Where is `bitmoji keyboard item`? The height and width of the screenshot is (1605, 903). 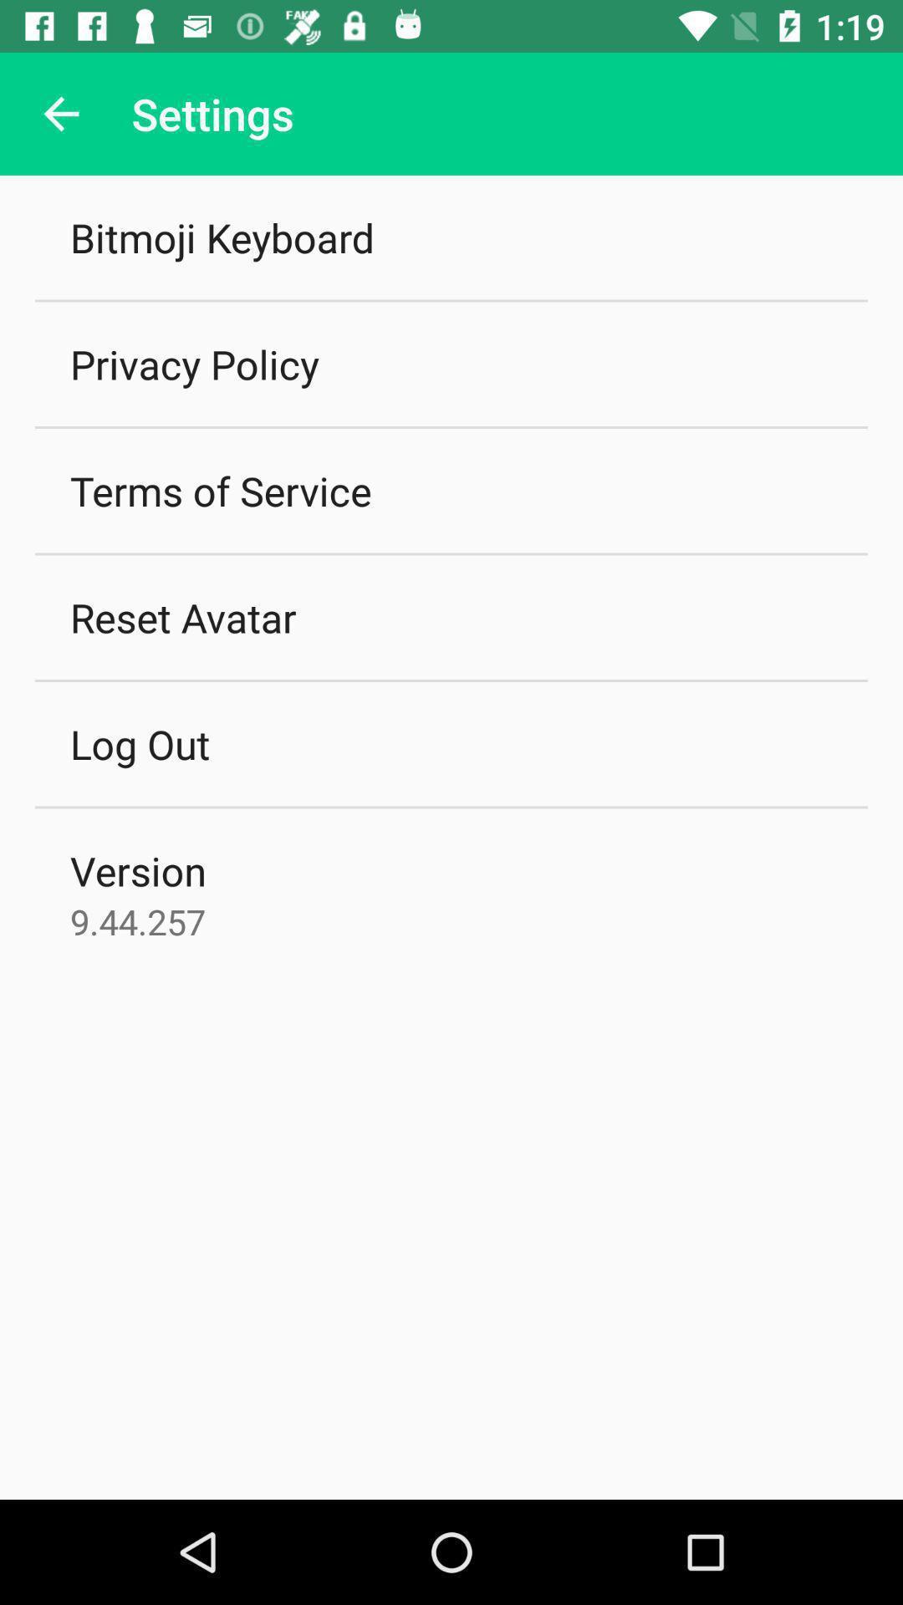
bitmoji keyboard item is located at coordinates (221, 237).